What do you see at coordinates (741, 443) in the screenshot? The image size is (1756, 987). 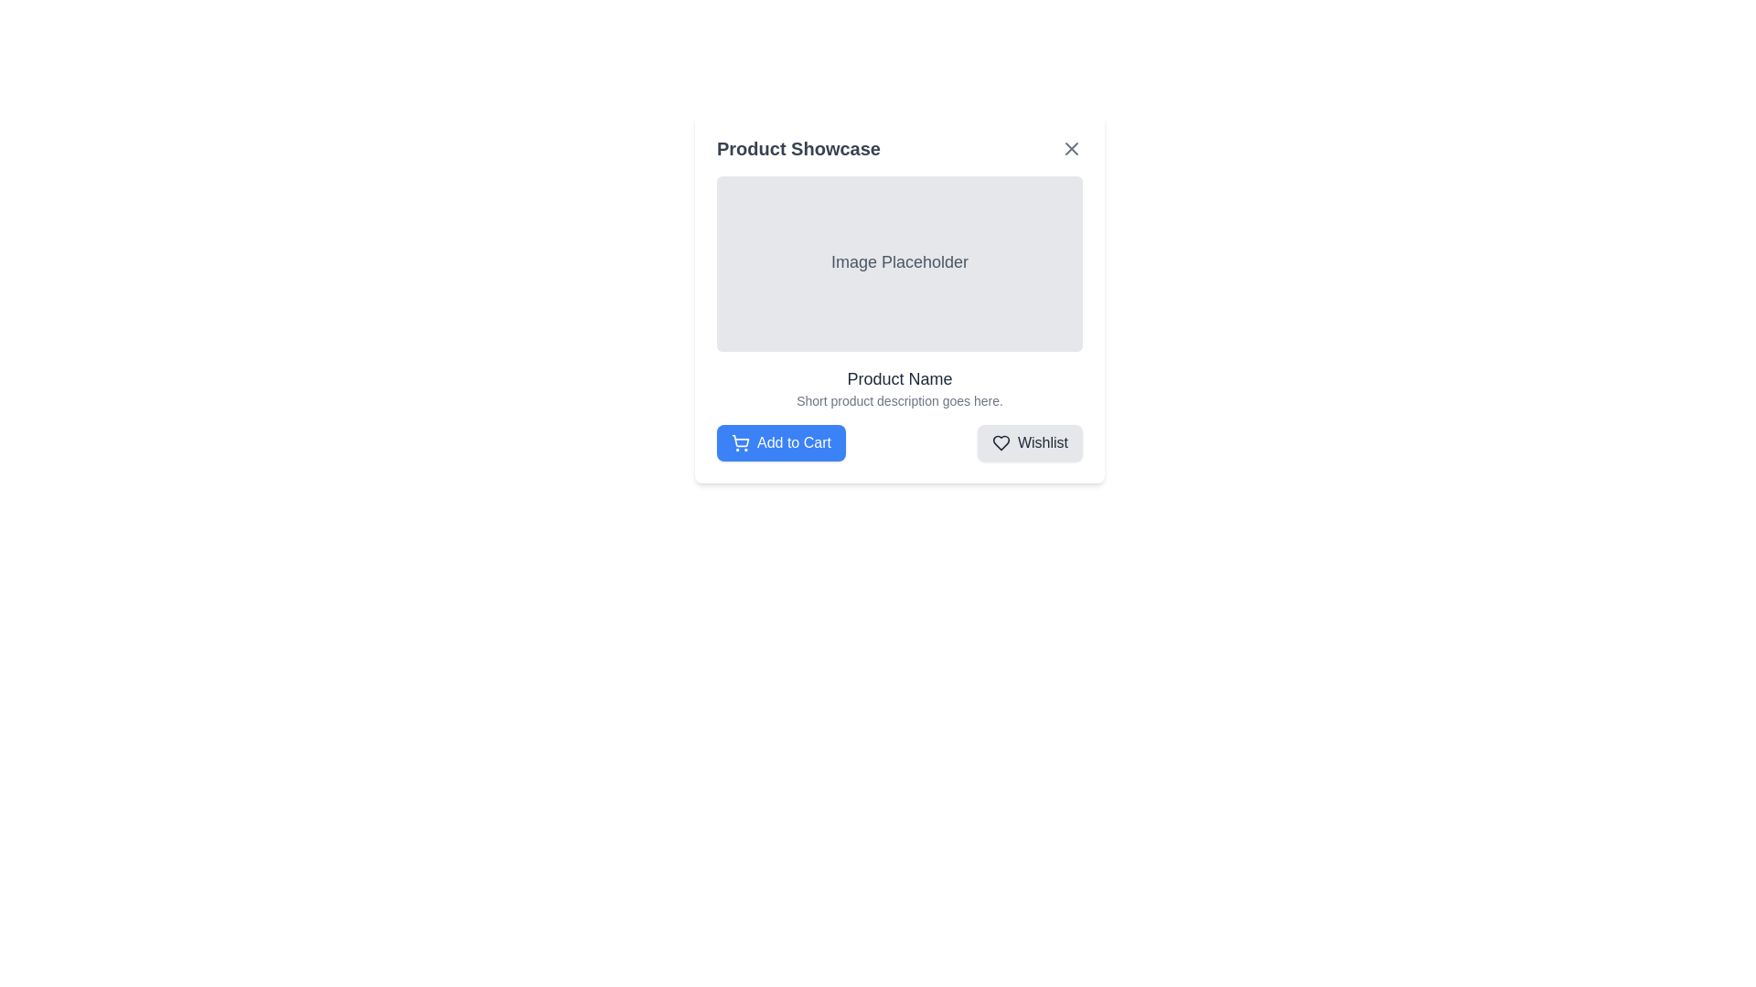 I see `the 'Add to Cart' button, which includes a shopping cart SVG icon on the left` at bounding box center [741, 443].